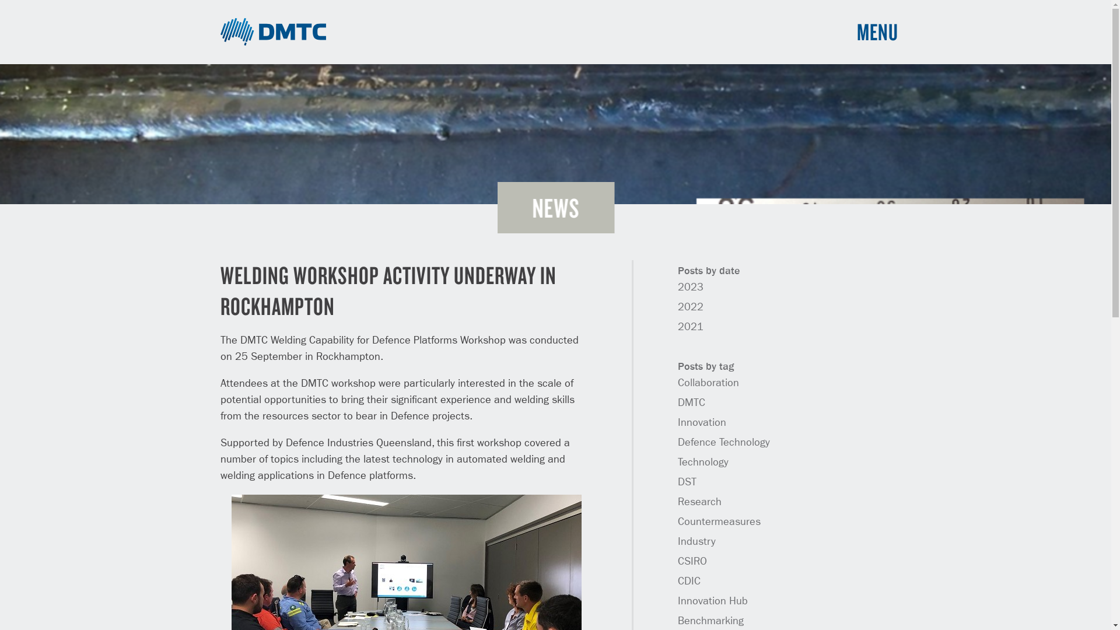  What do you see at coordinates (677, 307) in the screenshot?
I see `'2022'` at bounding box center [677, 307].